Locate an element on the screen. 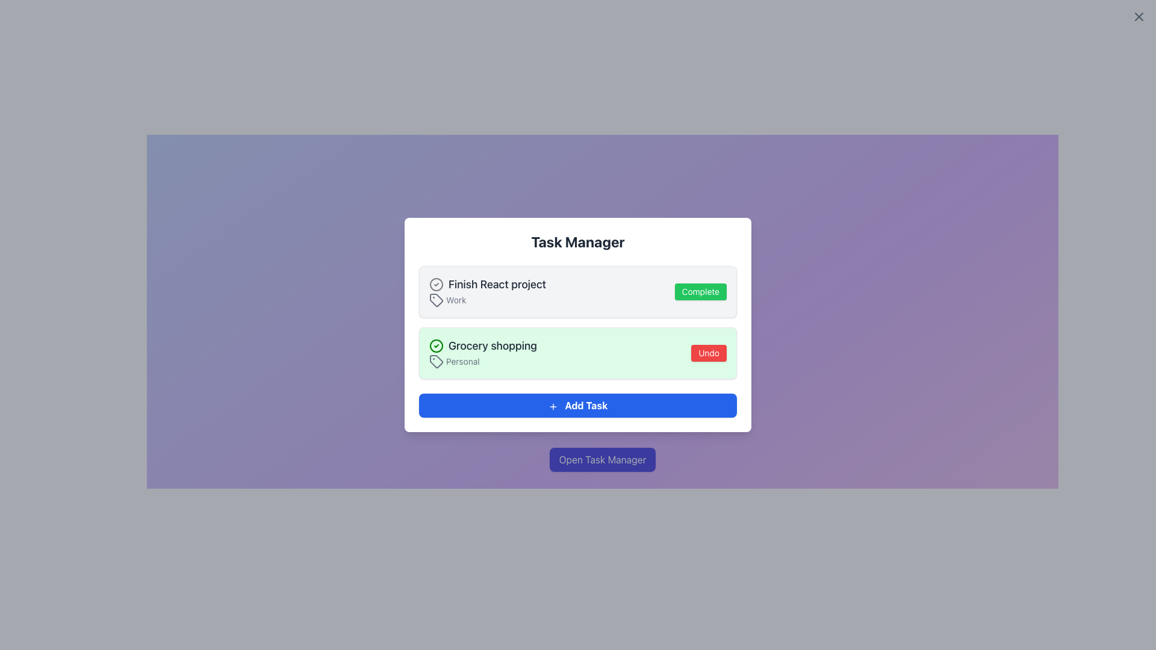  the task entry labeled 'Grocery shopping' with the 'Undo' button for potential tooltip or highlight is located at coordinates (578, 352).